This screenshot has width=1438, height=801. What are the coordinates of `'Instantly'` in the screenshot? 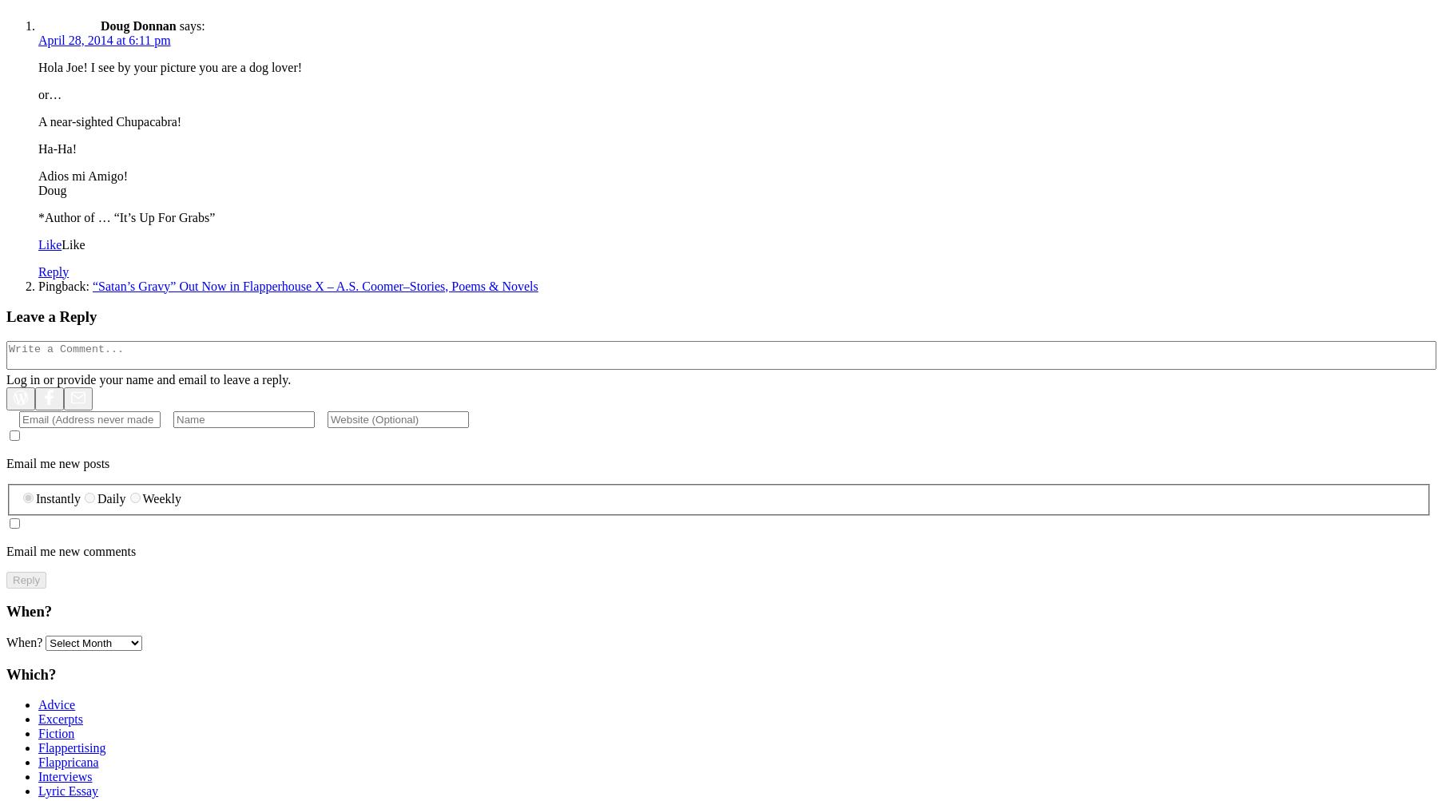 It's located at (35, 498).